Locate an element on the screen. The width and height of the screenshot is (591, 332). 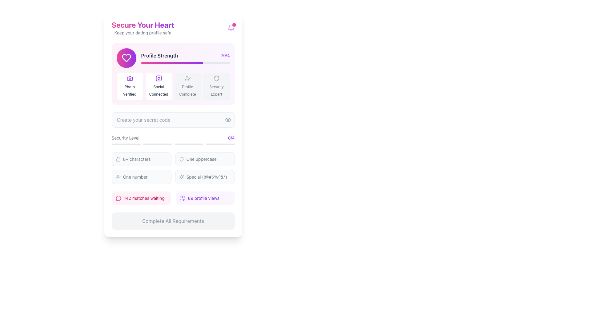
the eye-shaped icon located on the right side of the password input field labeled 'Create your secret code' is located at coordinates (227, 120).